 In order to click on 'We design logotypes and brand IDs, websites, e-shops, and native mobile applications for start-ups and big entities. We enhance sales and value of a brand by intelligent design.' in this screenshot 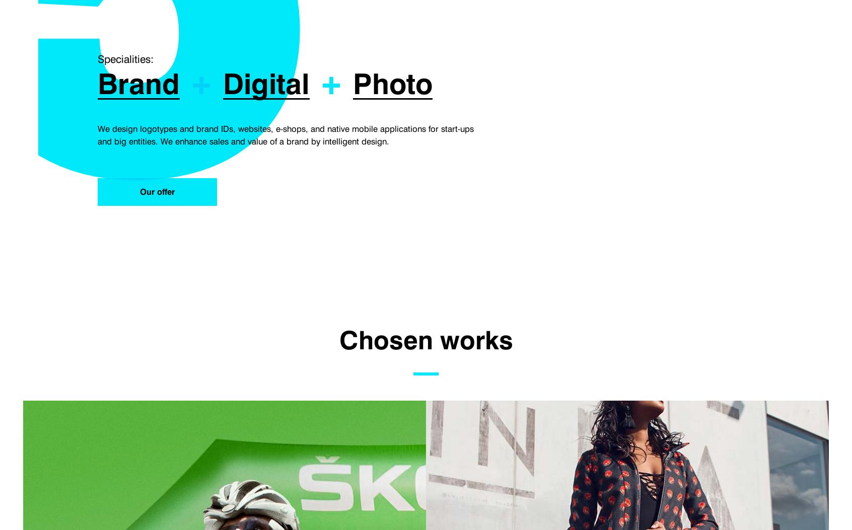, I will do `click(97, 135)`.